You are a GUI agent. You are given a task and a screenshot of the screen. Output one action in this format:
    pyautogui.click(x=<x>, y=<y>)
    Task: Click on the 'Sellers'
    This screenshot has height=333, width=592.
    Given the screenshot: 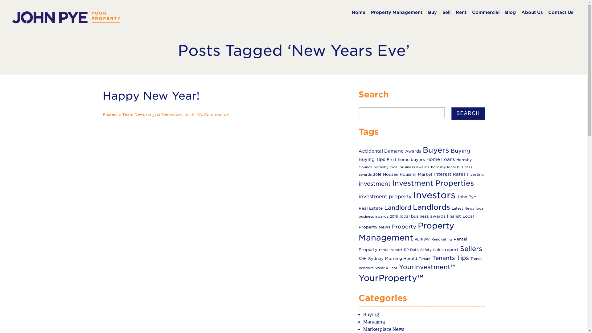 What is the action you would take?
    pyautogui.click(x=471, y=248)
    